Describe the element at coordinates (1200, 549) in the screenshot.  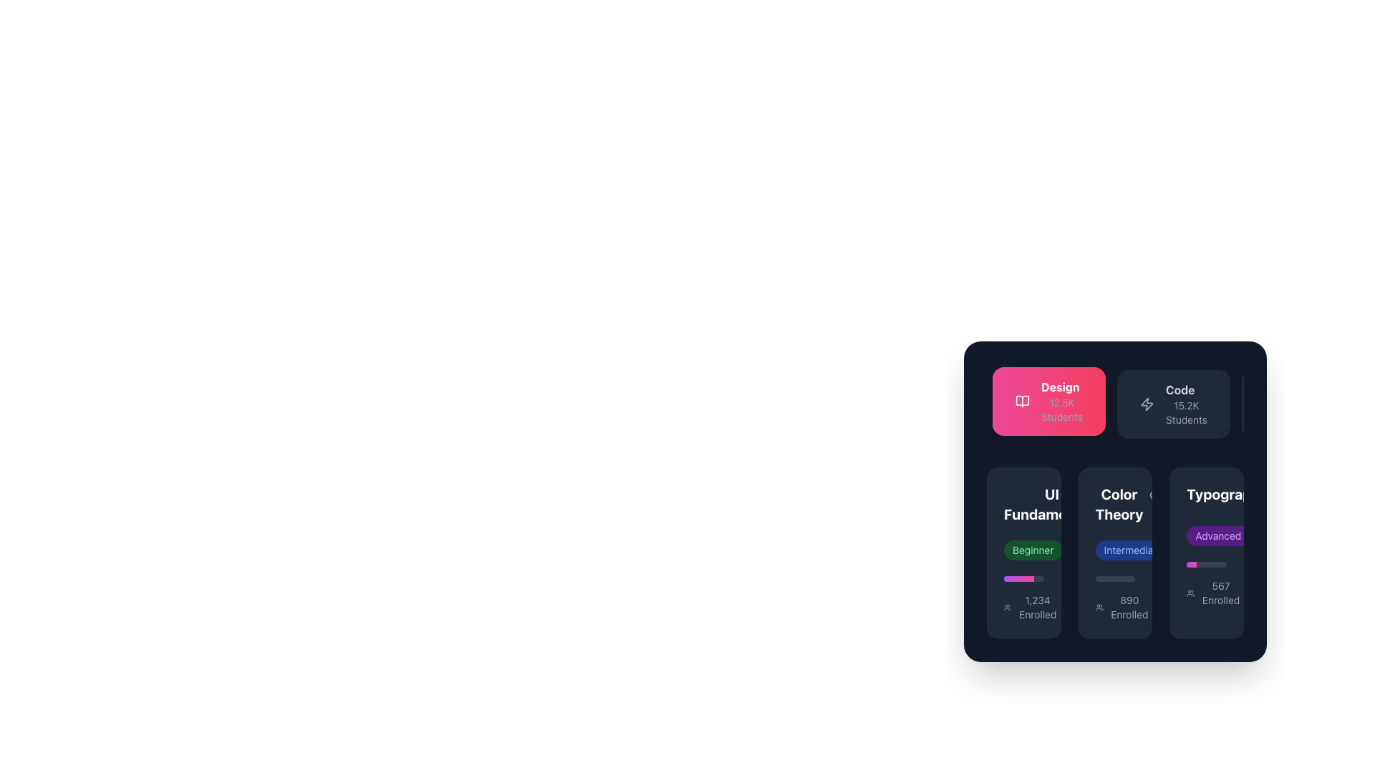
I see `the course duration indicator text with icon located in the third column of the grid, positioned to the right of the 'Intermediate' label` at that location.